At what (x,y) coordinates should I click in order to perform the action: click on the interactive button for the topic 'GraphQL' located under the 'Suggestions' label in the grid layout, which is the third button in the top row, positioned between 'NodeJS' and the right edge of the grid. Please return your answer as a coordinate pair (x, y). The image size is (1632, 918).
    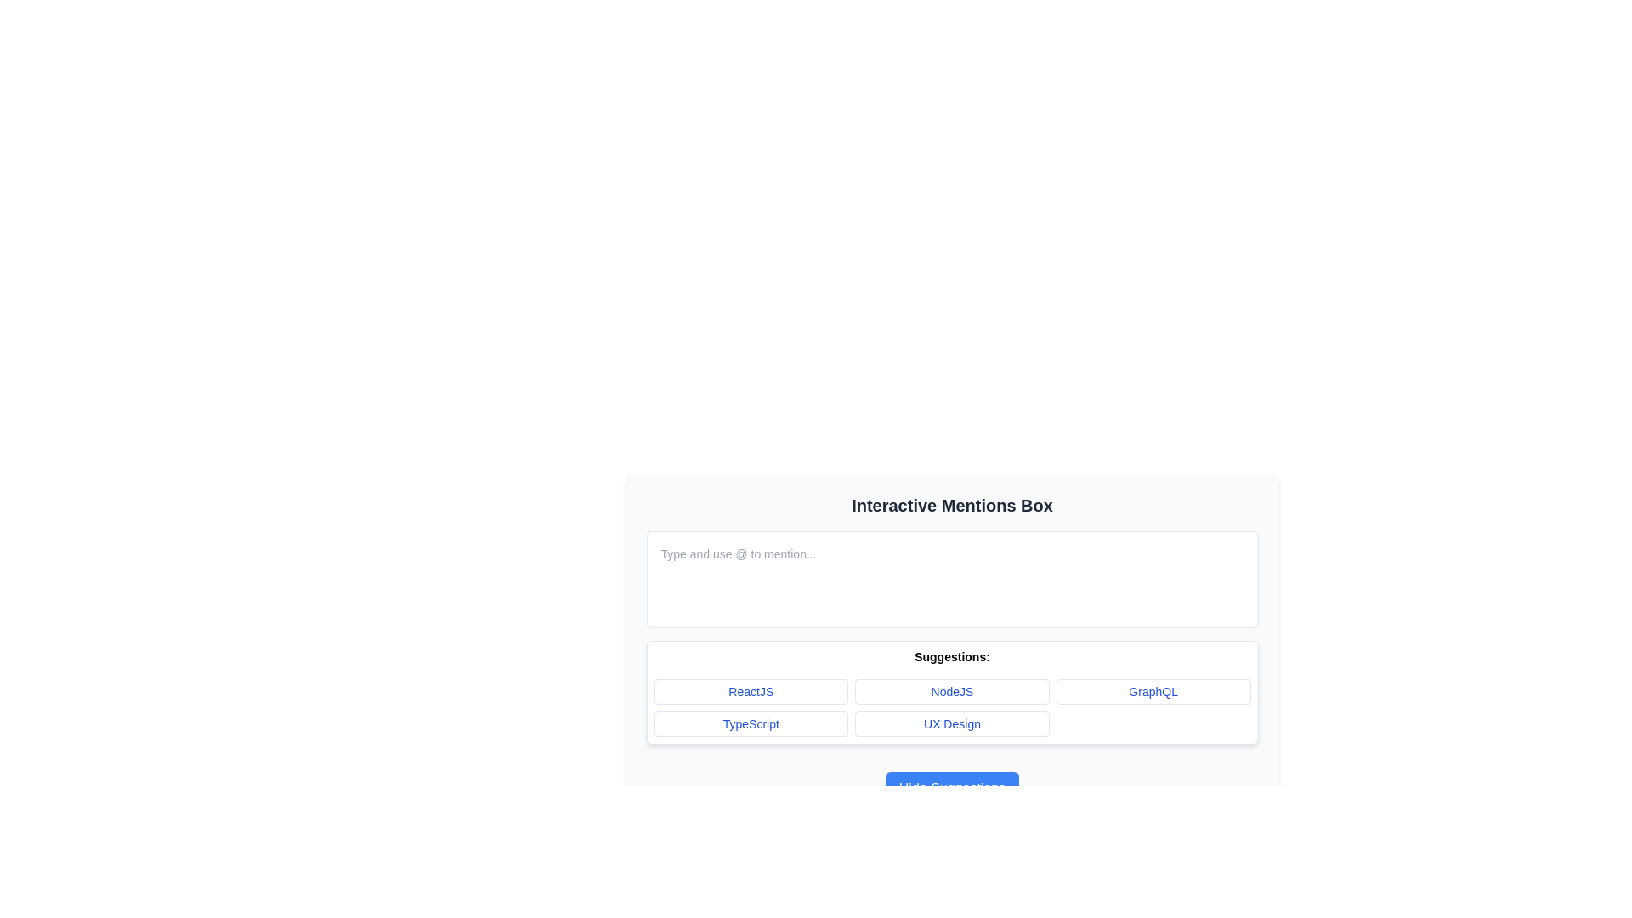
    Looking at the image, I should click on (1153, 691).